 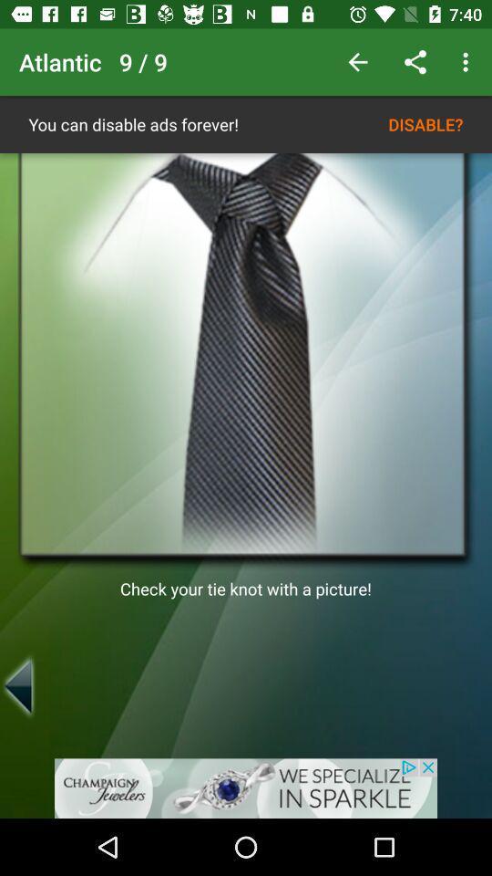 I want to click on click on advertisement, so click(x=246, y=787).